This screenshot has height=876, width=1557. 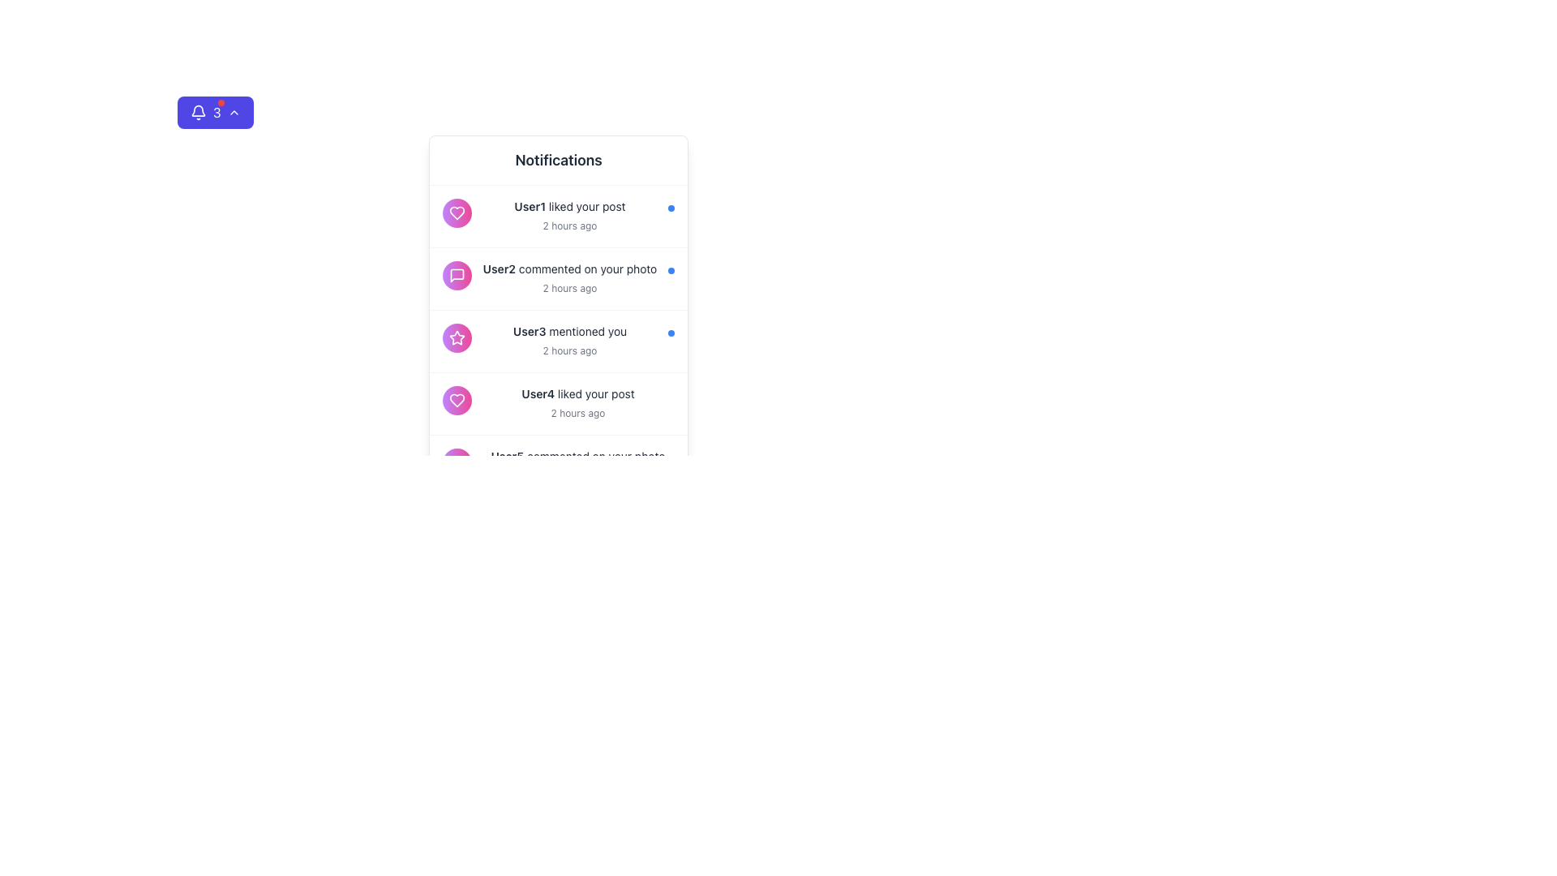 What do you see at coordinates (559, 340) in the screenshot?
I see `the star icon in the third notification of the notifications list` at bounding box center [559, 340].